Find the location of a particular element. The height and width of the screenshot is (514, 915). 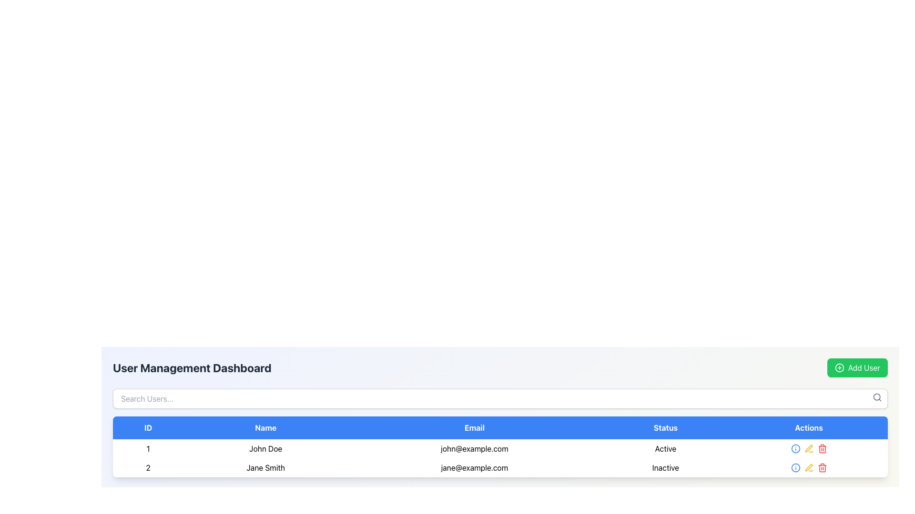

first circular SVG graphic in the action column corresponding to the user 'John Doe' for development purposes is located at coordinates (795, 467).